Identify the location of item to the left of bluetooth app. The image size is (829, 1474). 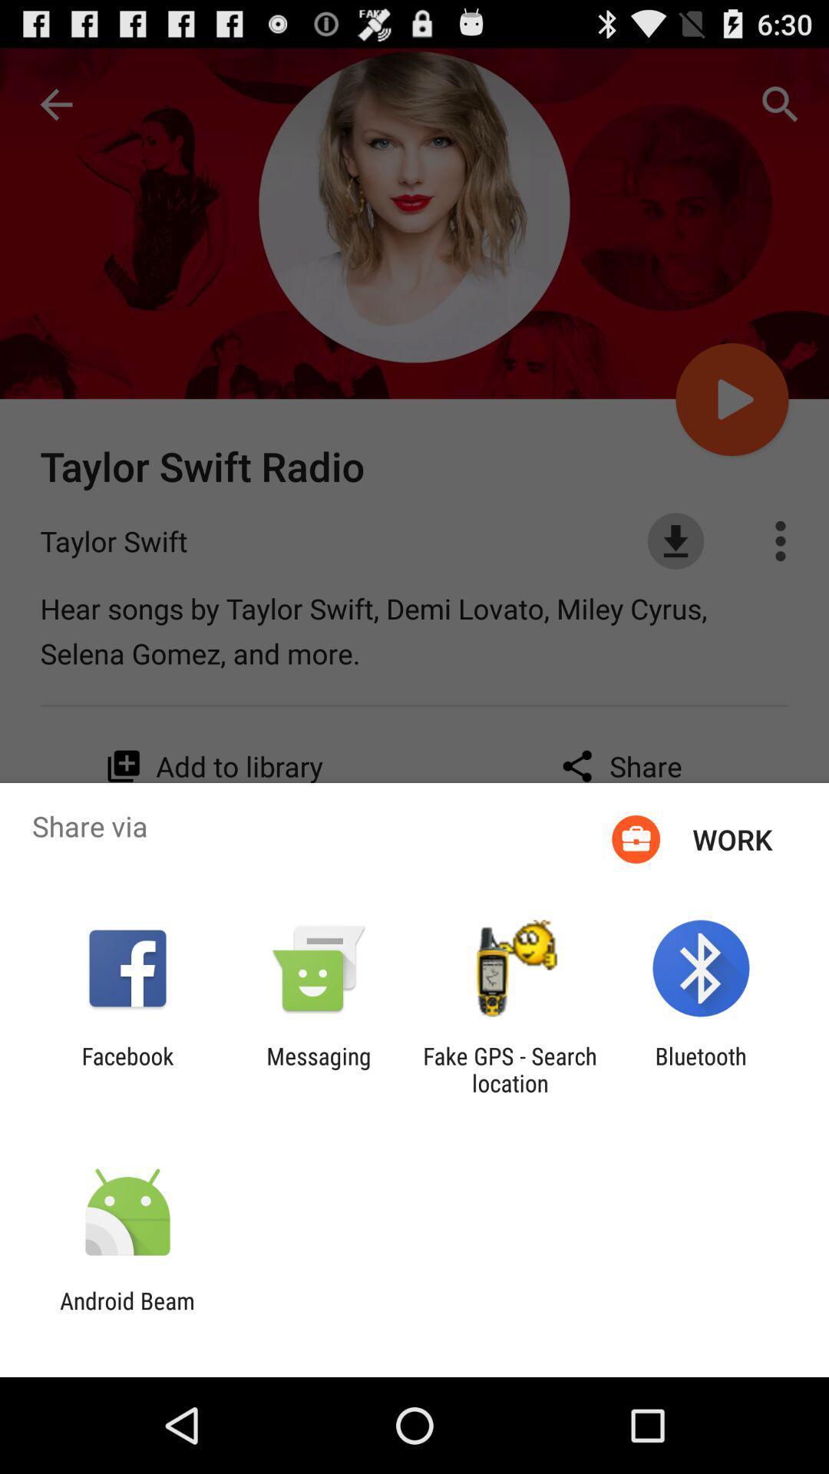
(510, 1069).